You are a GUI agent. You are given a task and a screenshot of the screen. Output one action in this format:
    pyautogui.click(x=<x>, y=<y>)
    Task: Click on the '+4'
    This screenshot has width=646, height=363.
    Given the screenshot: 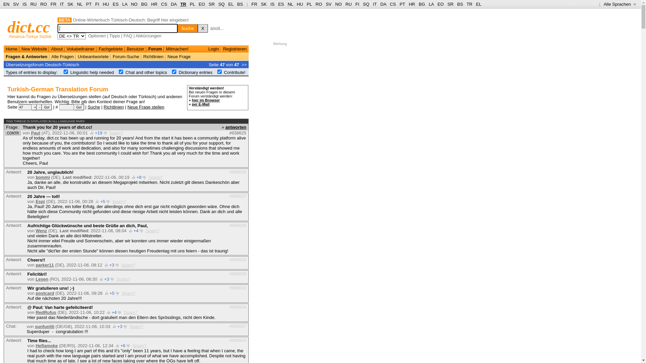 What is the action you would take?
    pyautogui.click(x=136, y=230)
    